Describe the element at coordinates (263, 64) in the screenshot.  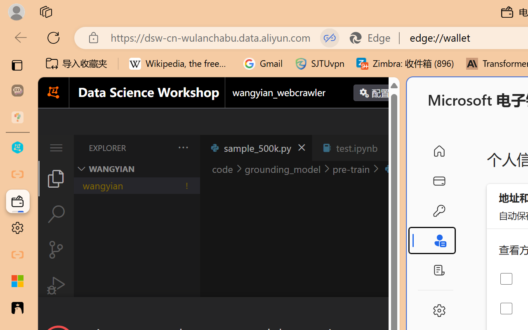
I see `'Gmail'` at that location.